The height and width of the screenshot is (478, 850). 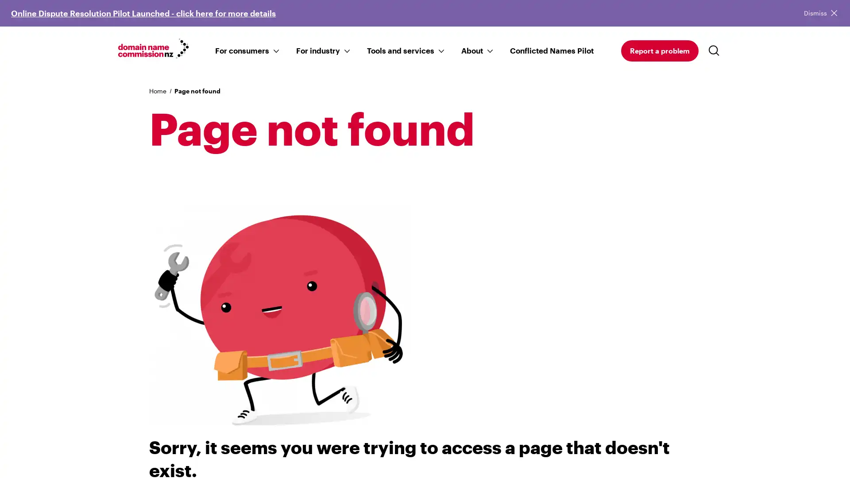 I want to click on For consumers, so click(x=242, y=49).